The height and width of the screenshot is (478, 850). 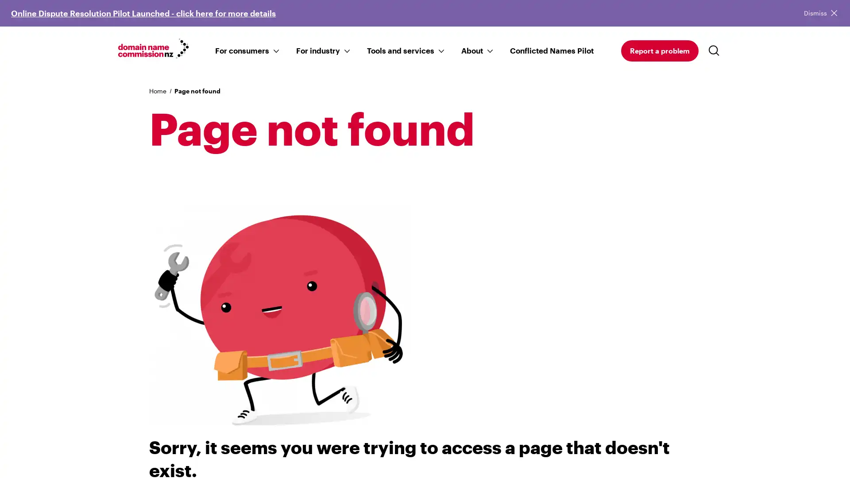 I want to click on For consumers, so click(x=242, y=49).